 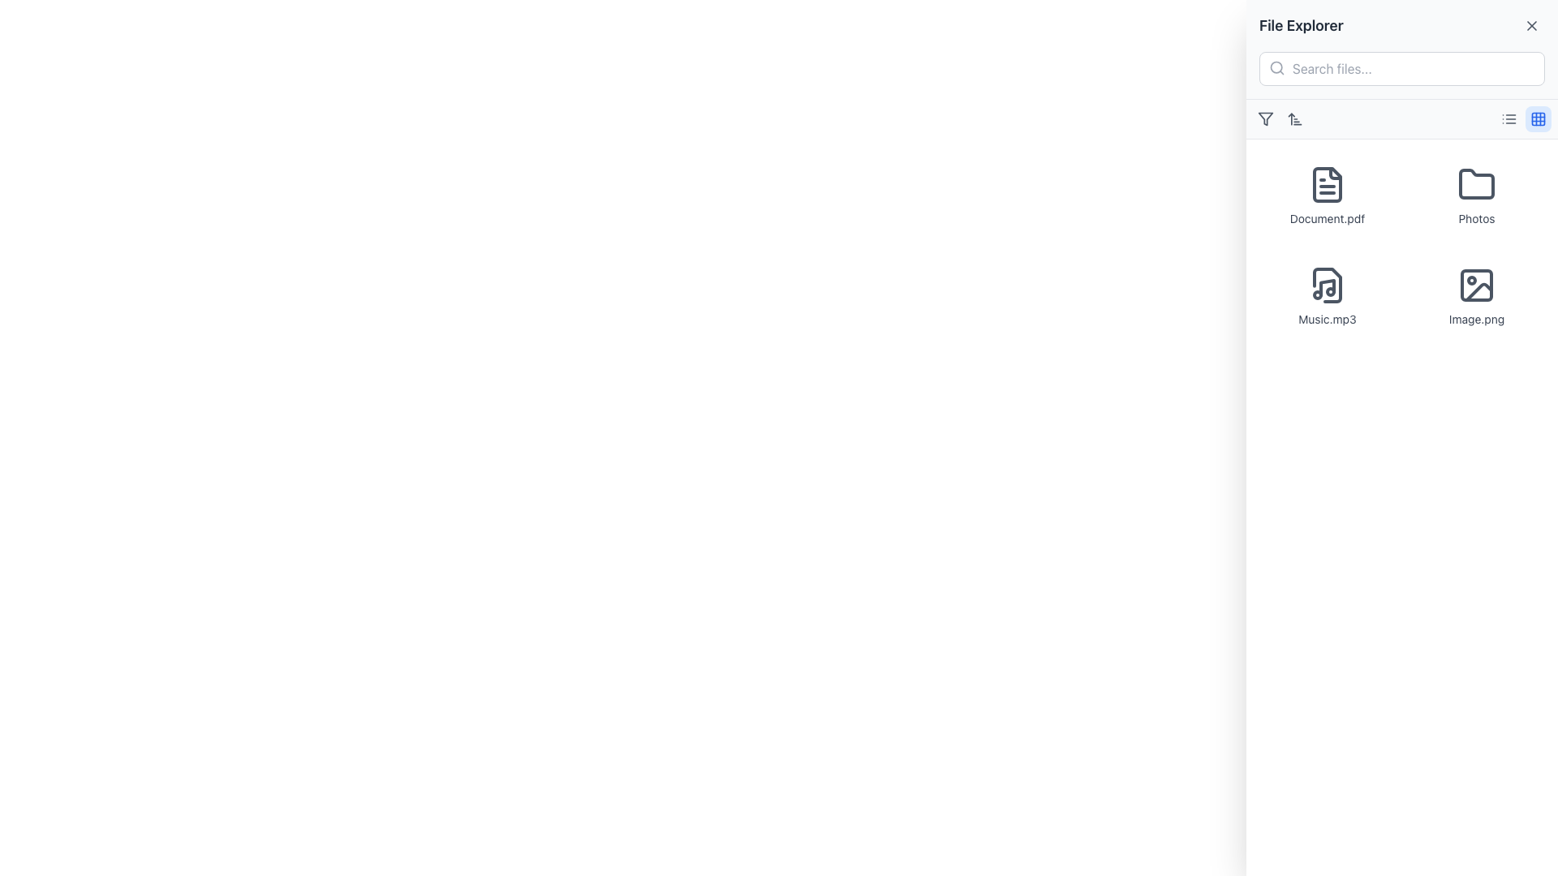 What do you see at coordinates (1328, 284) in the screenshot?
I see `the music file icon, which is the topmost item in its group, located above the text label 'Music.mp3'` at bounding box center [1328, 284].